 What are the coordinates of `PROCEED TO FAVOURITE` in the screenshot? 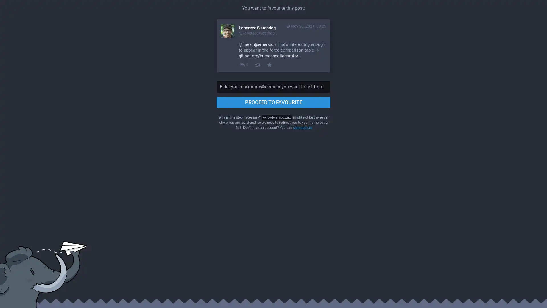 It's located at (273, 102).